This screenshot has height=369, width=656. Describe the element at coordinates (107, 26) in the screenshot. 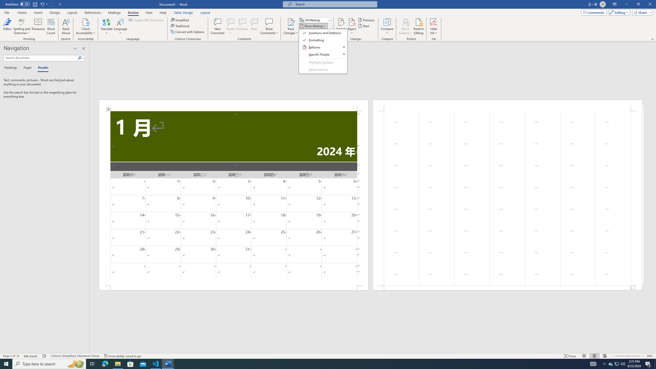

I see `'Translate'` at that location.